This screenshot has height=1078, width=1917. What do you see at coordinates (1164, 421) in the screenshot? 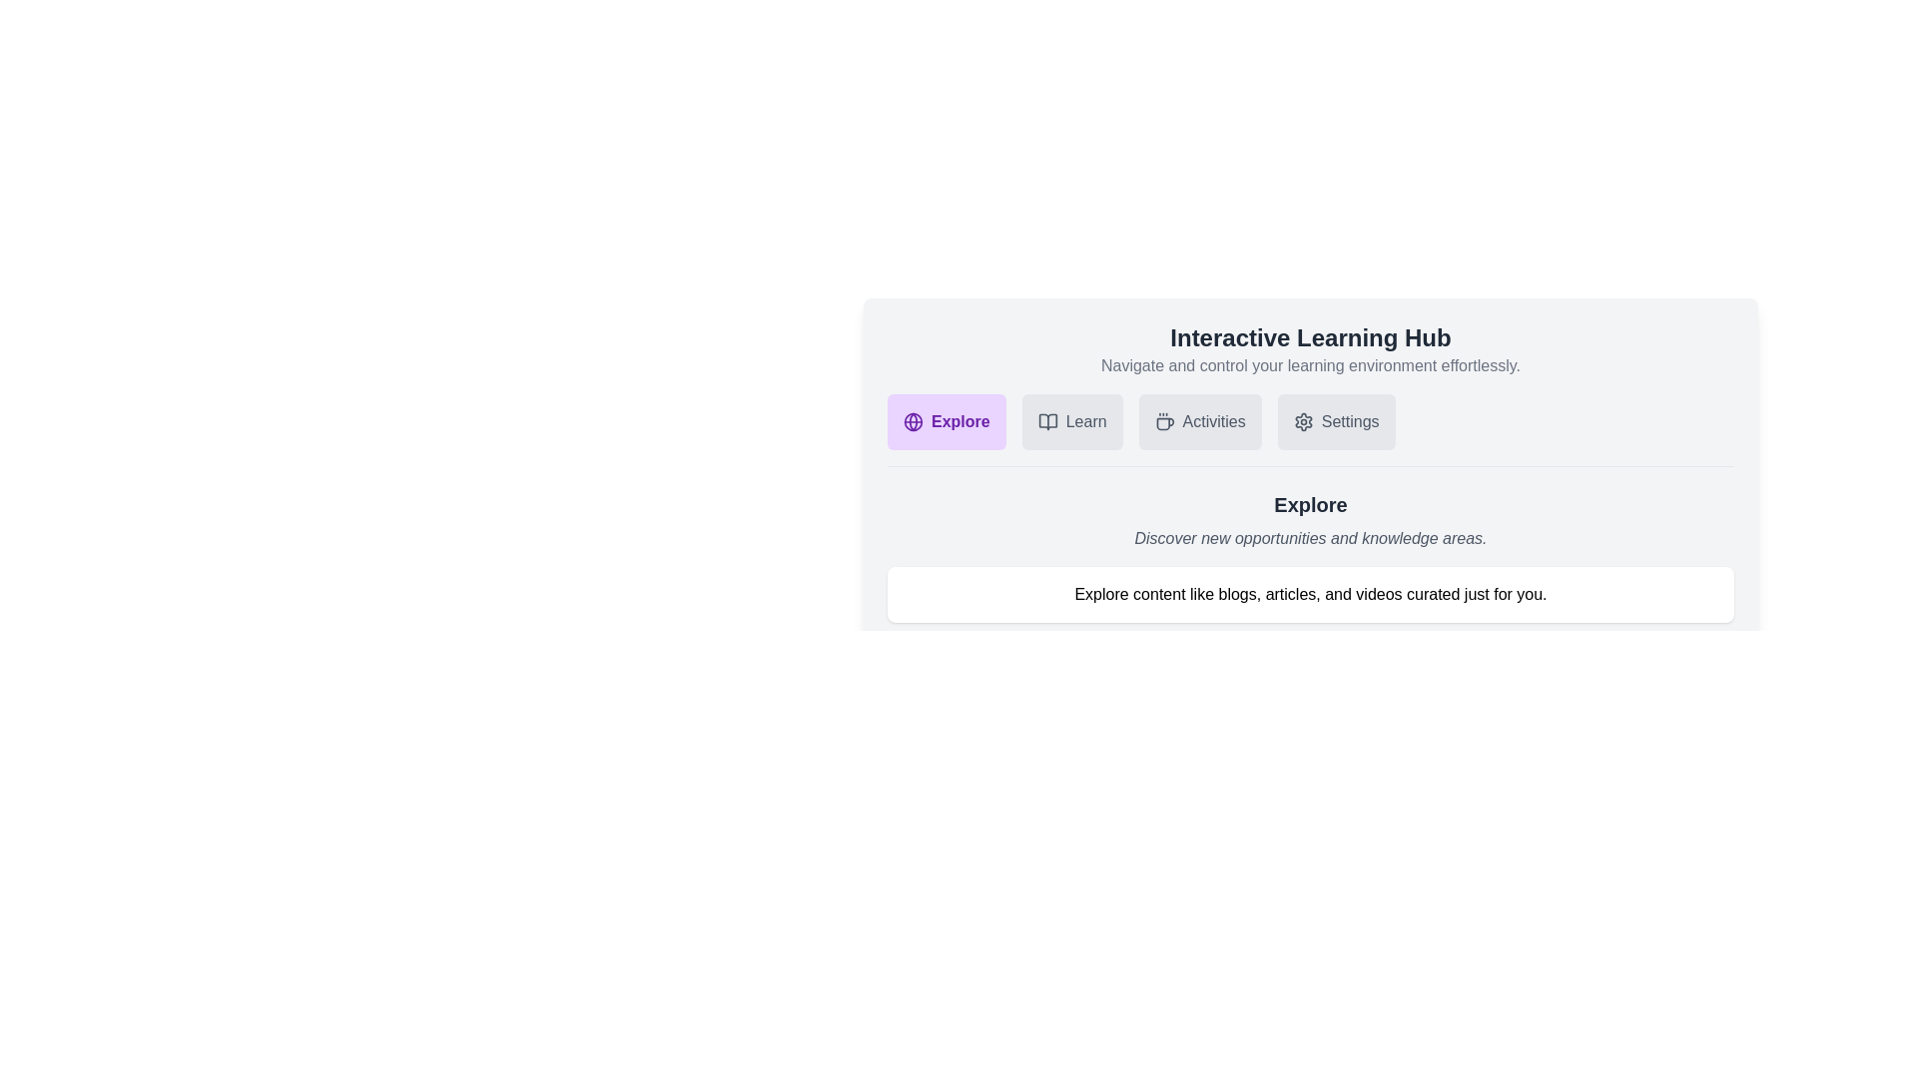
I see `the 'Activities' button, which is identified by its icon located at the top-right section of the main menu` at bounding box center [1164, 421].